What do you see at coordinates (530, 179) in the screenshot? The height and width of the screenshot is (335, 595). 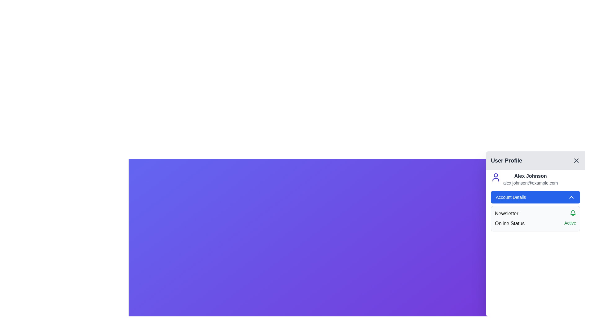 I see `details displayed in the 'User Profile' section, specifically the text showing 'Alex Johnson' and 'alex.johnson@example.com', which is positioned to the right of the profile icon` at bounding box center [530, 179].